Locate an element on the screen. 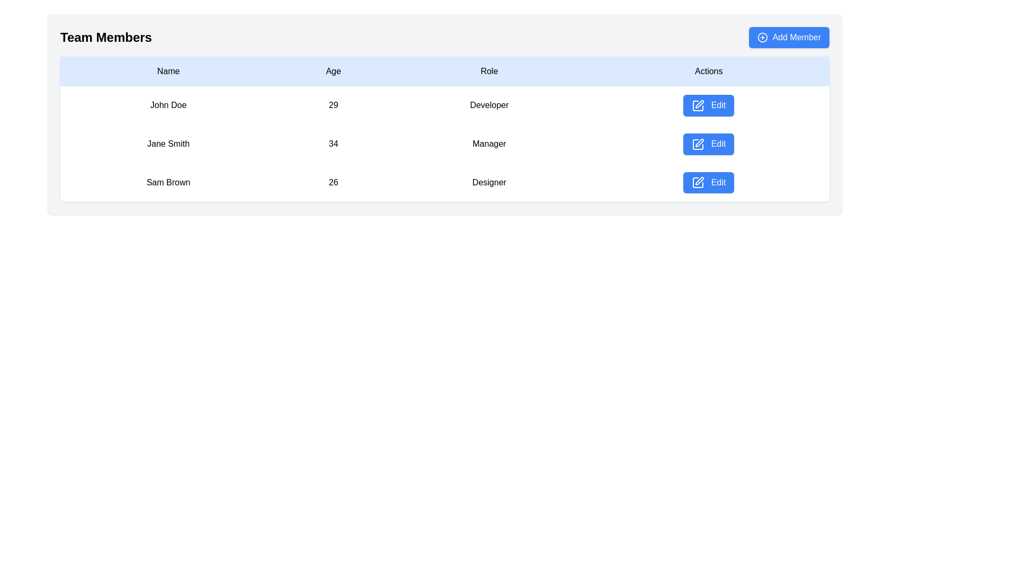 This screenshot has height=572, width=1017. the 'Edit' button located in the last row of the 'Actions' column is located at coordinates (709, 182).